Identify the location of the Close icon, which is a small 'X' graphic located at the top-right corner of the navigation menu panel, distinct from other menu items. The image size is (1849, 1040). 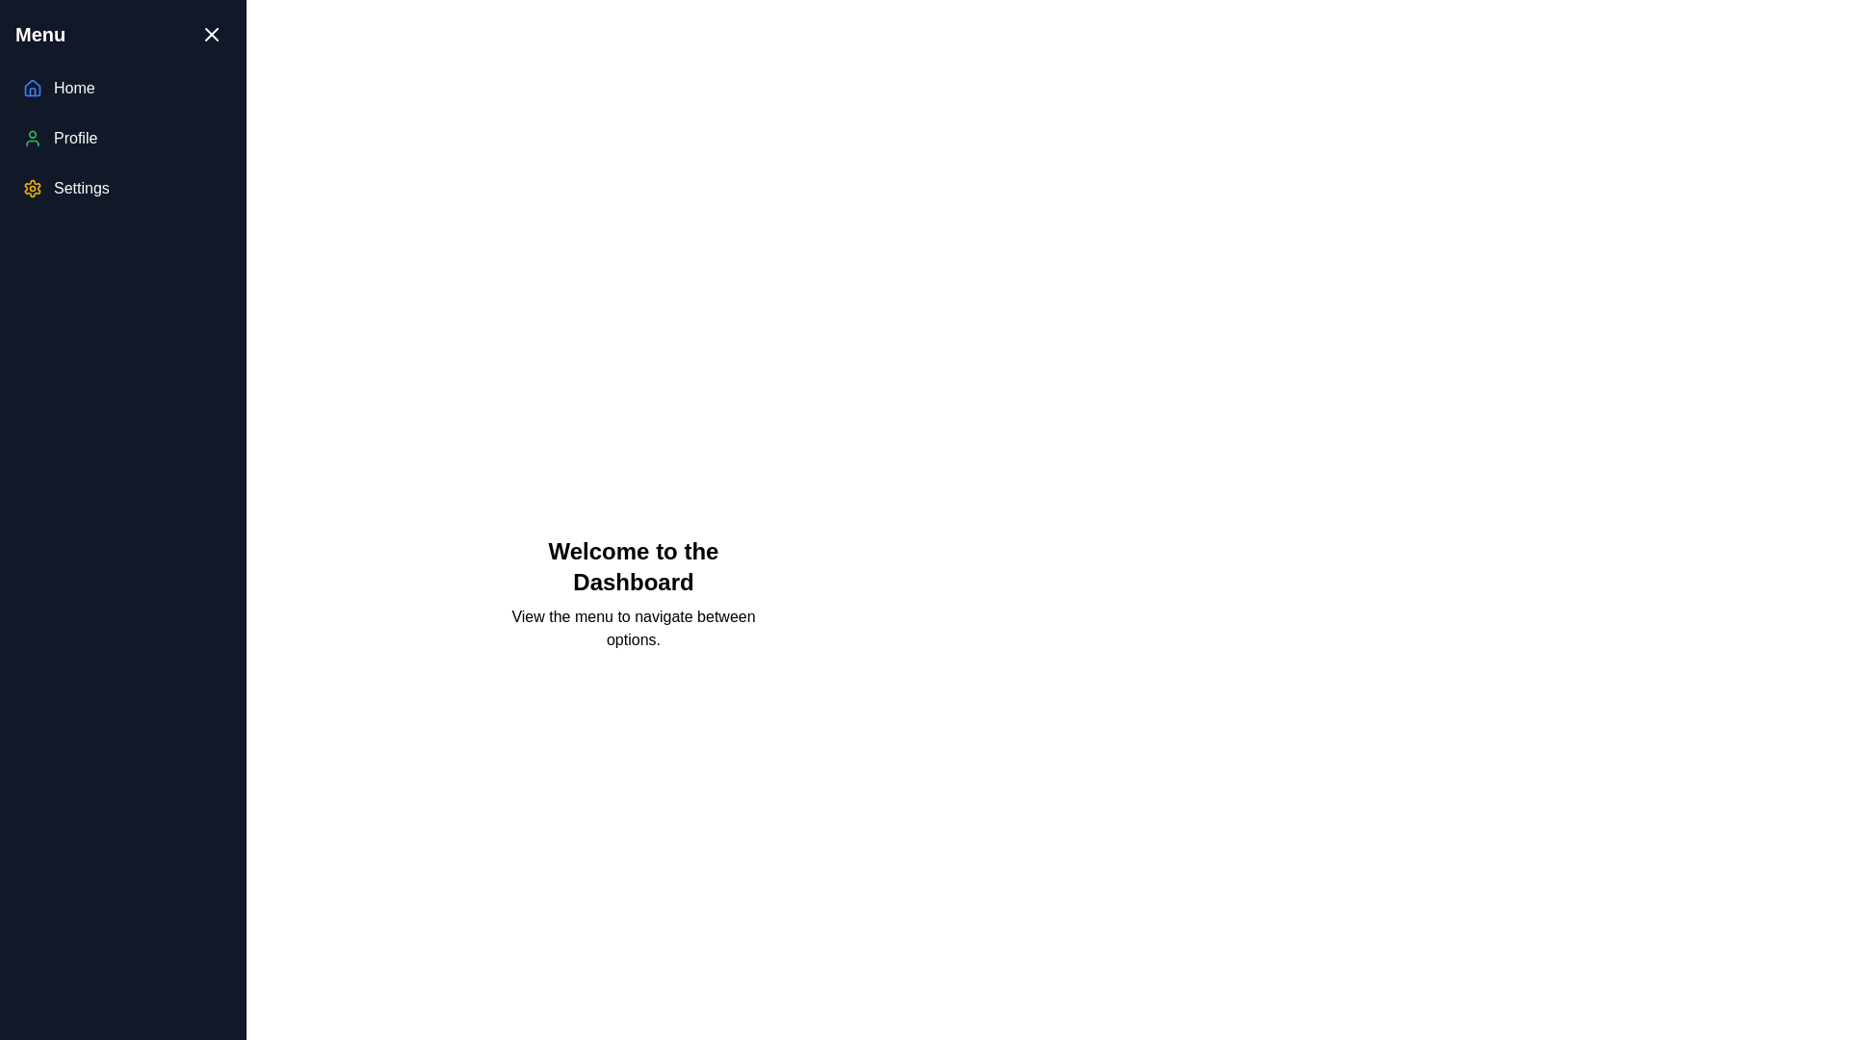
(212, 34).